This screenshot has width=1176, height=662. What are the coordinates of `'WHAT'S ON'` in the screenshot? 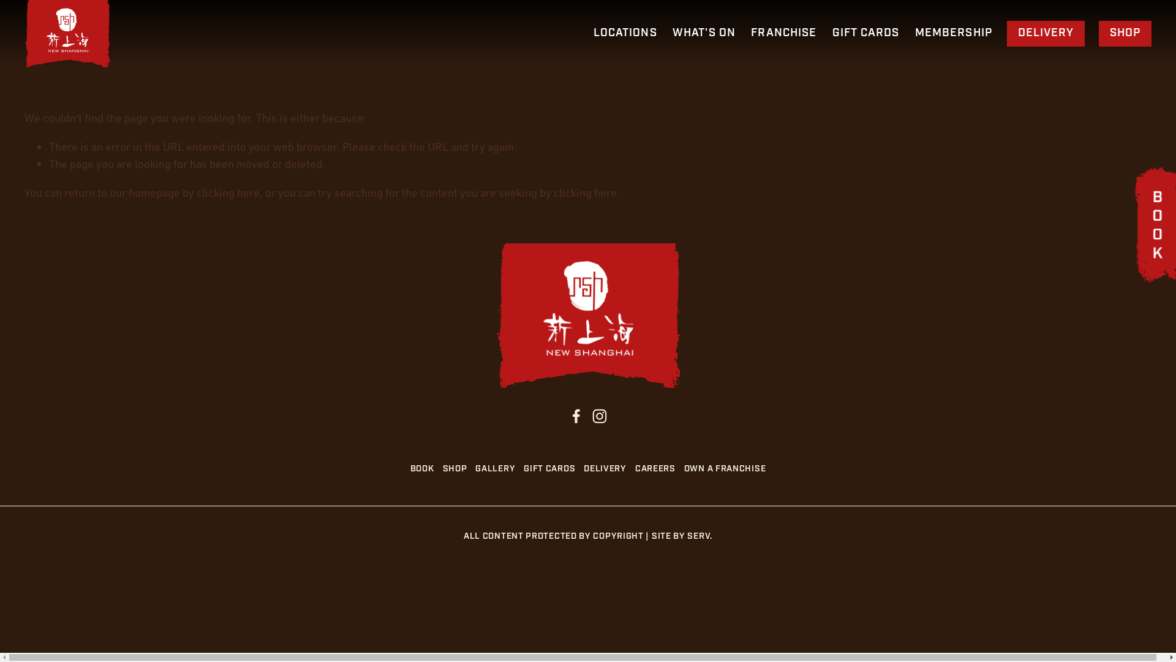 It's located at (704, 32).